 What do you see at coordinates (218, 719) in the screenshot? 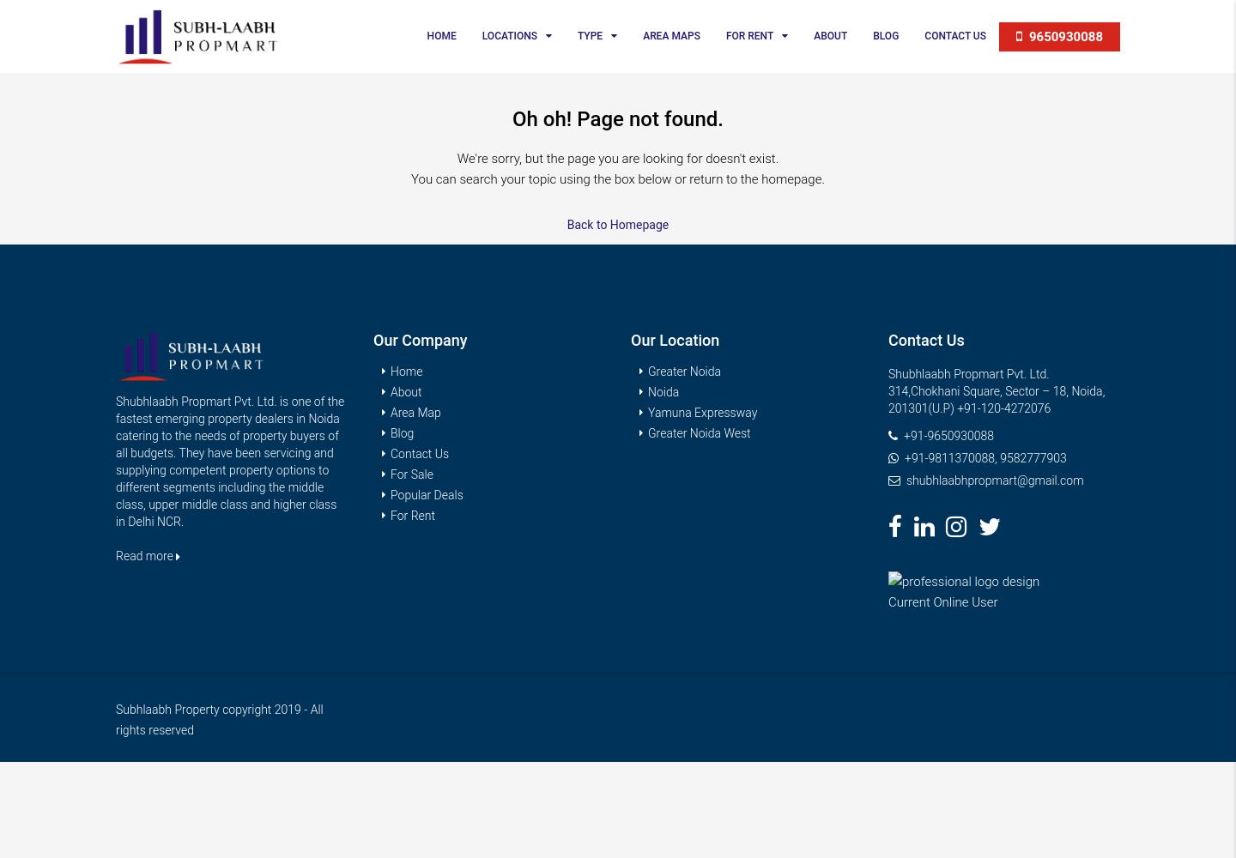
I see `'Subhlaabh Property copyright 2019 - All rights reserved'` at bounding box center [218, 719].